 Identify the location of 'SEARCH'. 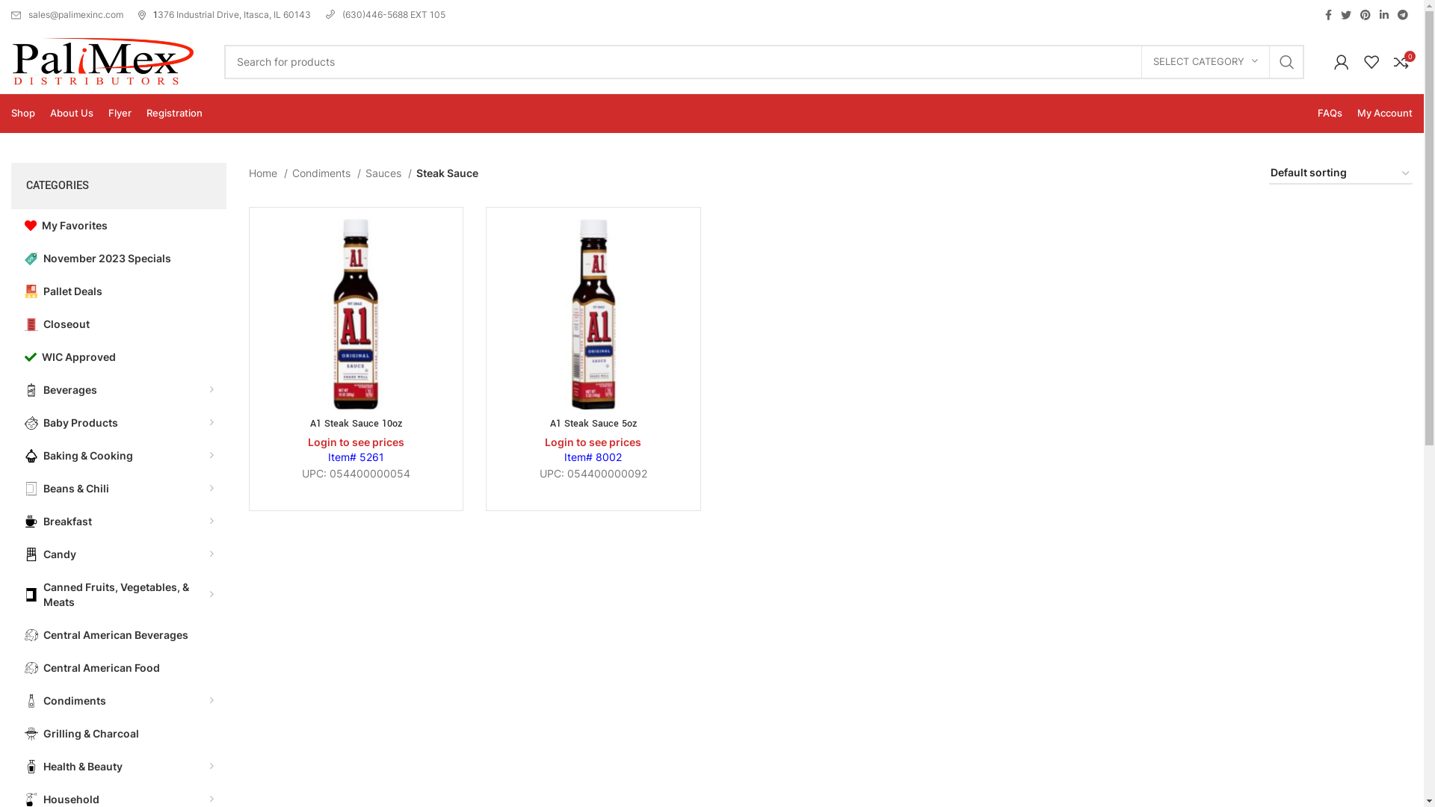
(1286, 61).